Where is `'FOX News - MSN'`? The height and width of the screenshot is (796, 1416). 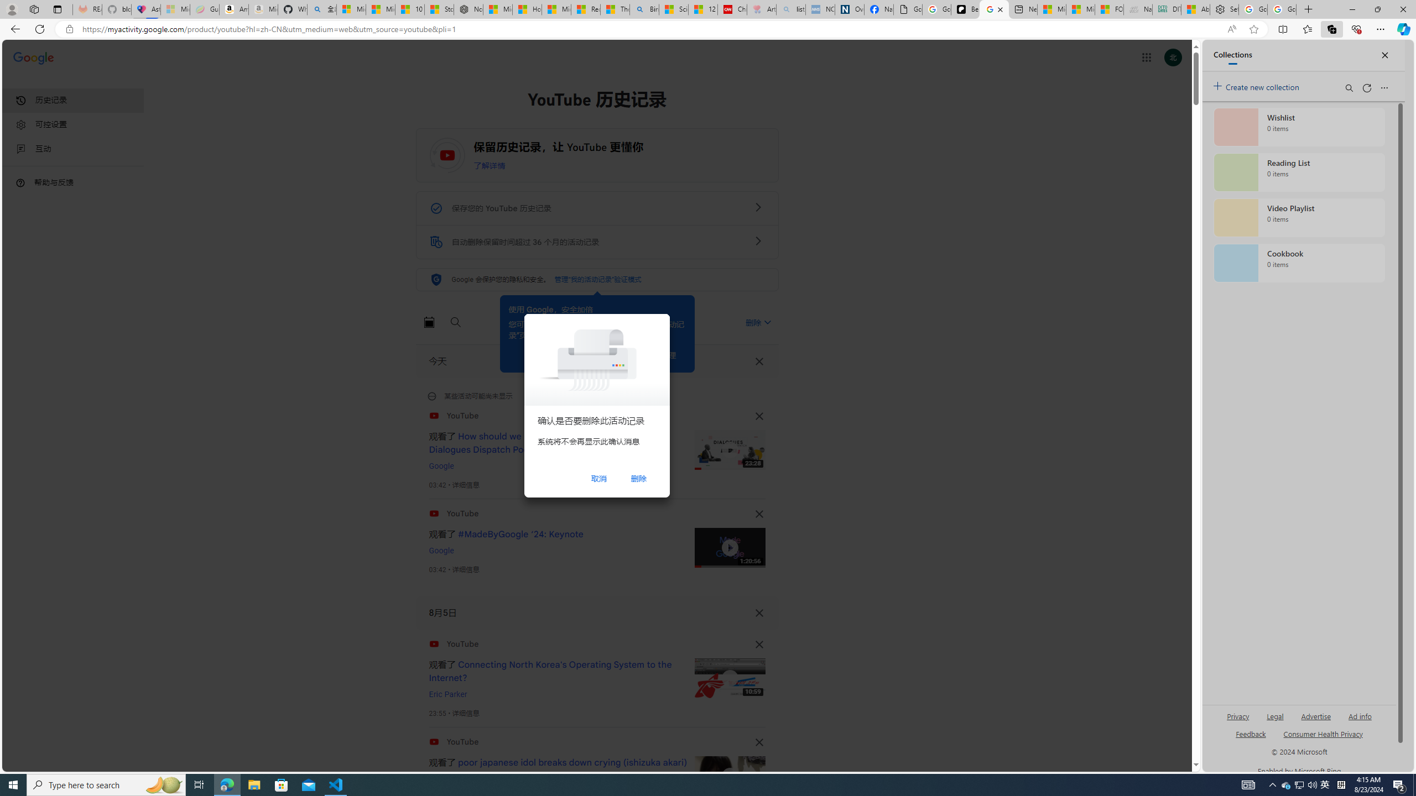 'FOX News - MSN' is located at coordinates (1109, 9).